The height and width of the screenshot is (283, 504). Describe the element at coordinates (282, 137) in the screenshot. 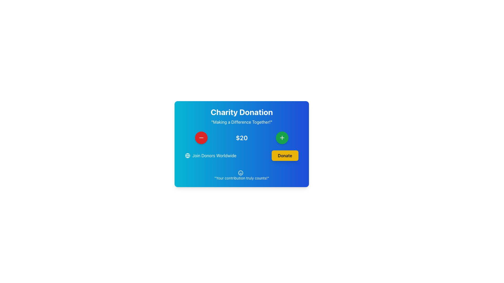

I see `the plus icon, which is a white plus sign in a circular green button located towards the right inside a card, adjacent to a yellow 'Donate' button` at that location.